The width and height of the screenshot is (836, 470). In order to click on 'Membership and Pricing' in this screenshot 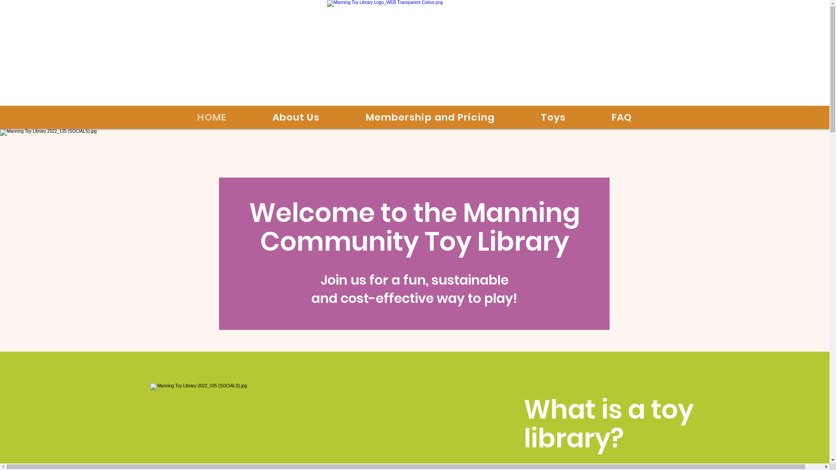, I will do `click(430, 117)`.